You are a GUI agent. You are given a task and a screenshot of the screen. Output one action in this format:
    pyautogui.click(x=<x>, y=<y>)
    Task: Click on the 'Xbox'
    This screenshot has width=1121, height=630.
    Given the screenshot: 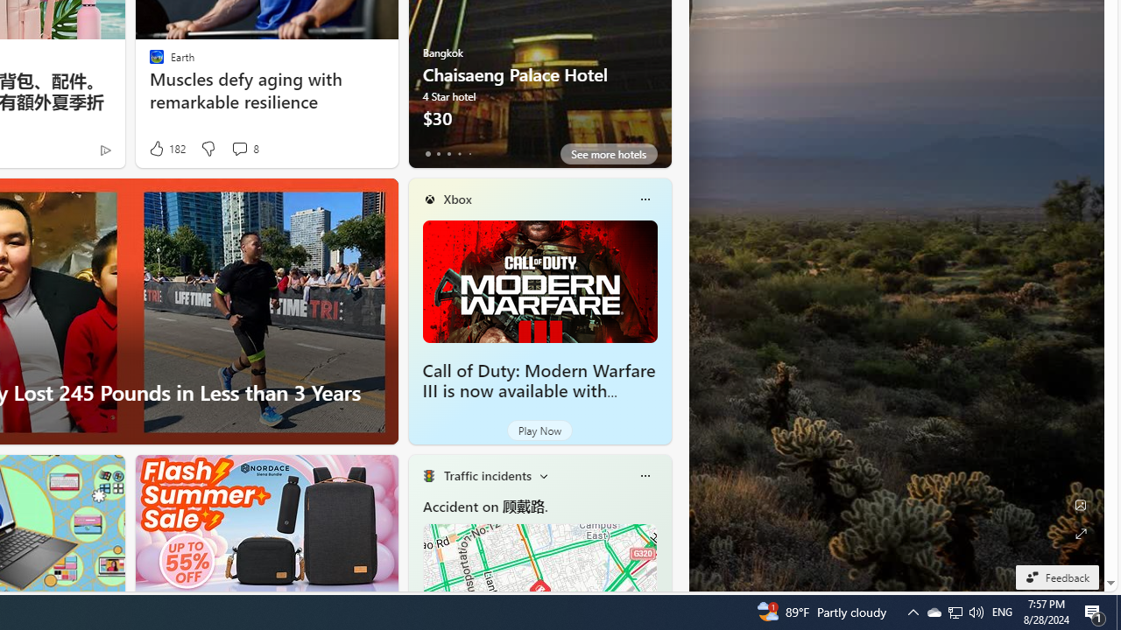 What is the action you would take?
    pyautogui.click(x=457, y=198)
    